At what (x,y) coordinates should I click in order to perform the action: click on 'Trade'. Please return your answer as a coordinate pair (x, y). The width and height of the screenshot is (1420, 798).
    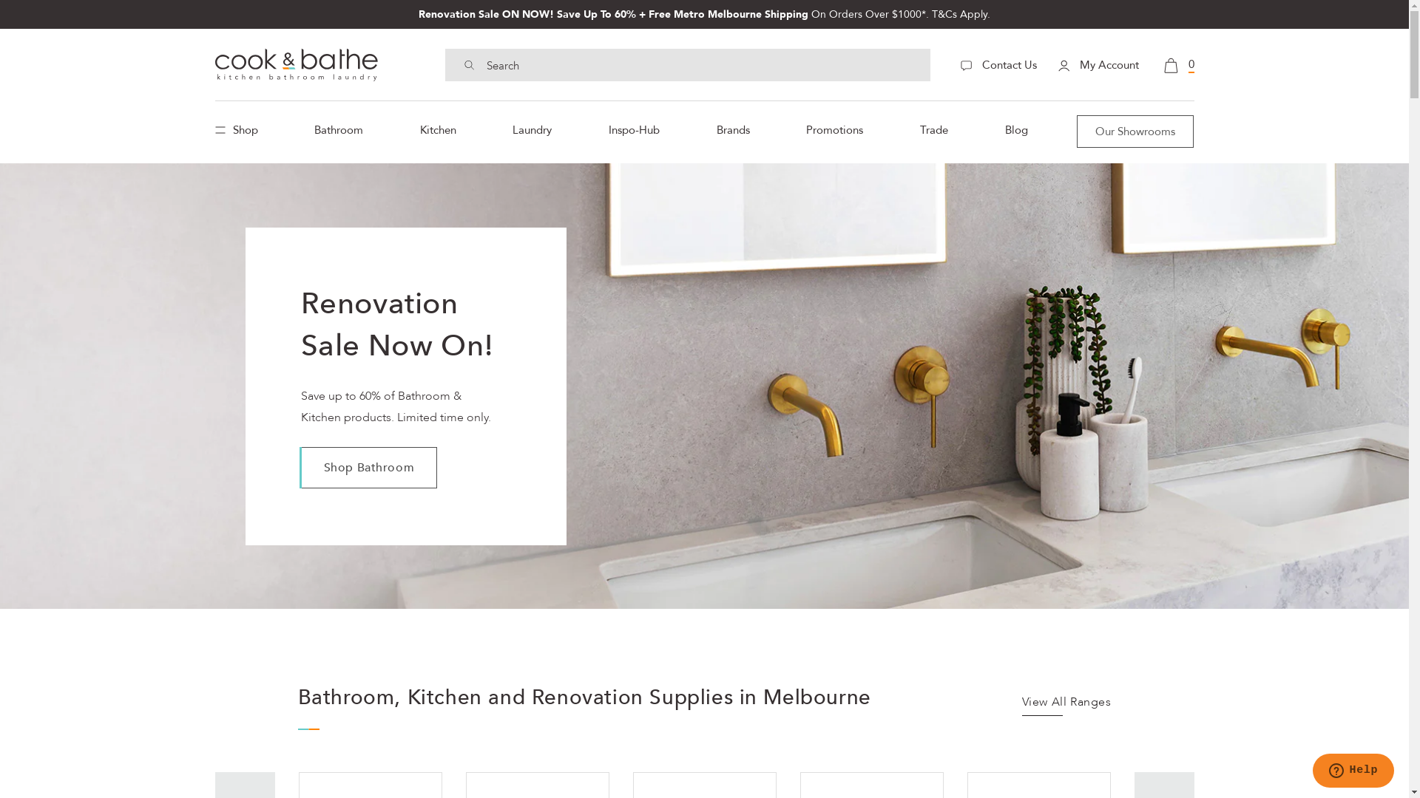
    Looking at the image, I should click on (911, 129).